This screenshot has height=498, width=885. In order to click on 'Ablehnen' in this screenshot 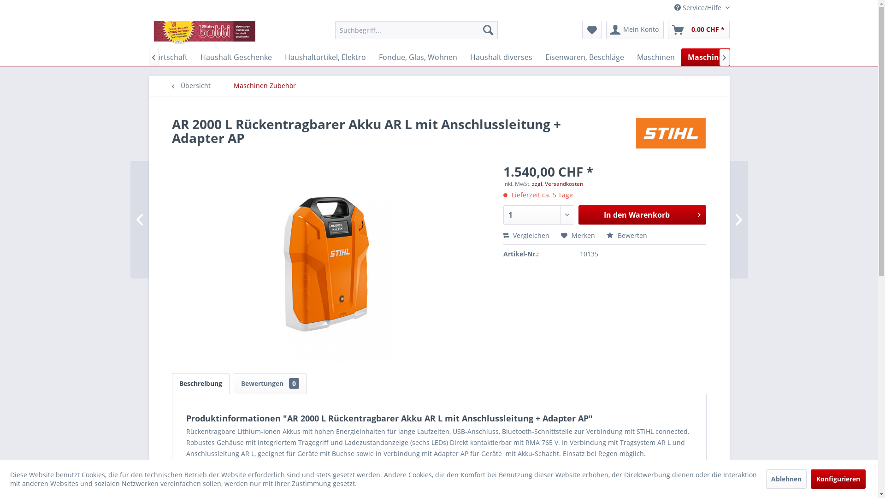, I will do `click(785, 478)`.